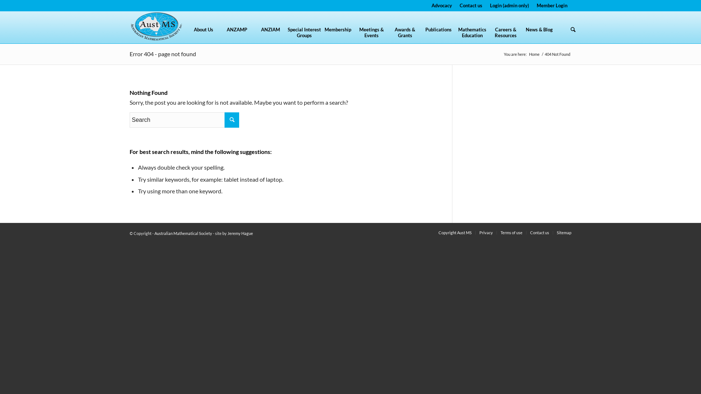 Image resolution: width=701 pixels, height=394 pixels. Describe the element at coordinates (522, 35) in the screenshot. I see `'News & Blog'` at that location.